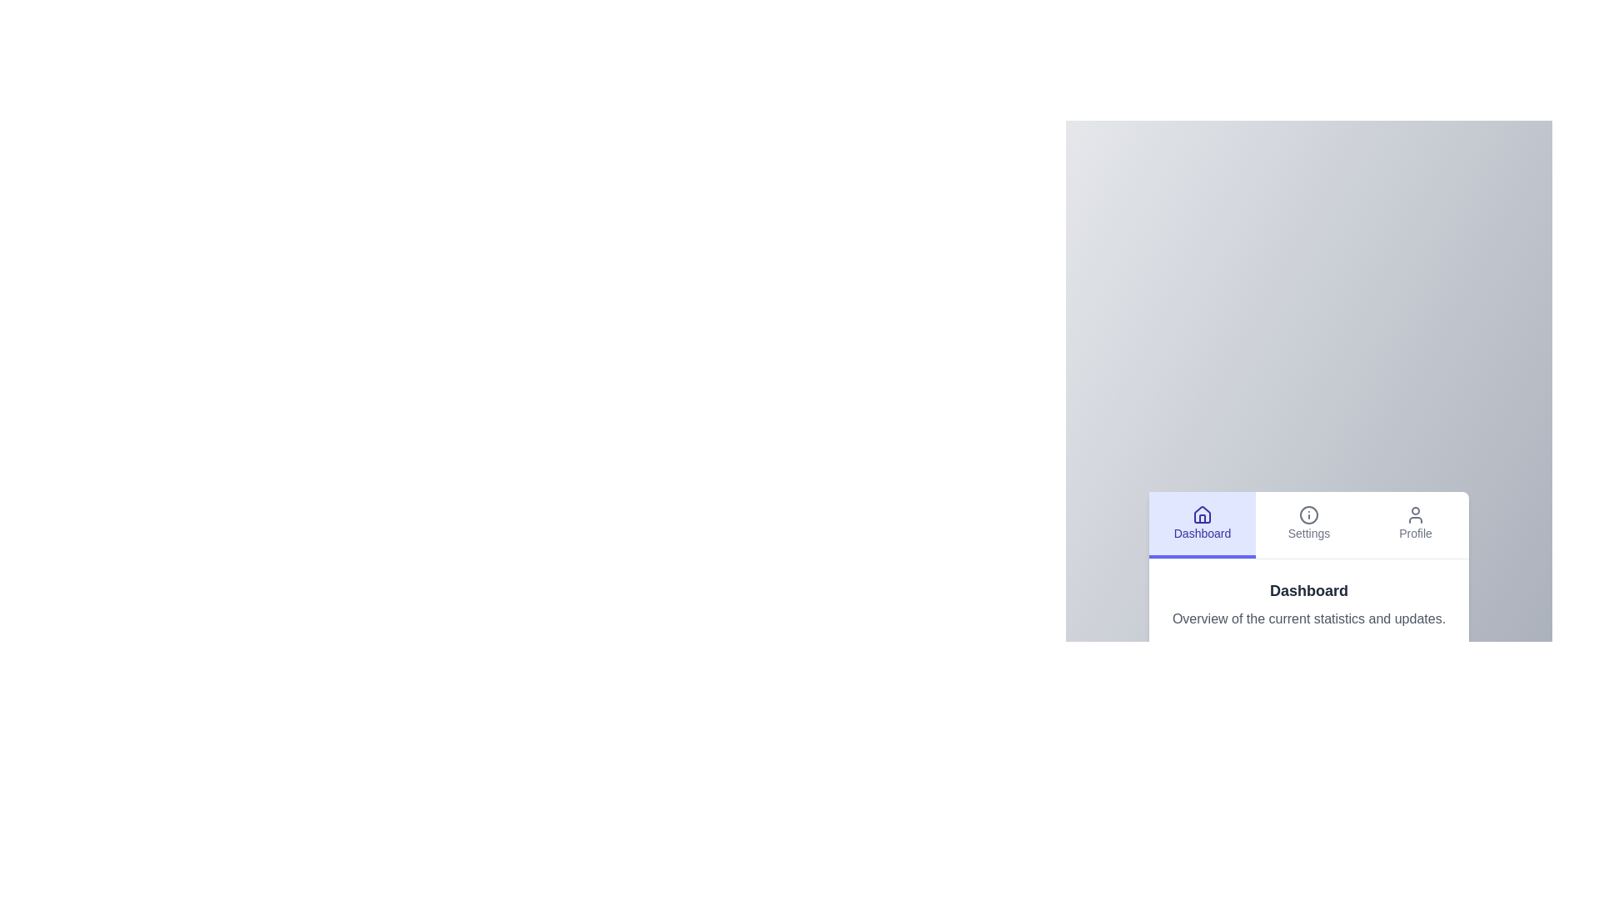 This screenshot has height=899, width=1599. I want to click on the tab labeled Profile to view its content, so click(1414, 522).